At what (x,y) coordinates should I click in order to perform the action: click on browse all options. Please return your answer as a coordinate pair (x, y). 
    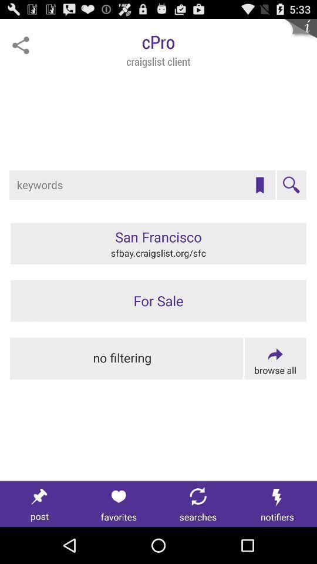
    Looking at the image, I should click on (275, 358).